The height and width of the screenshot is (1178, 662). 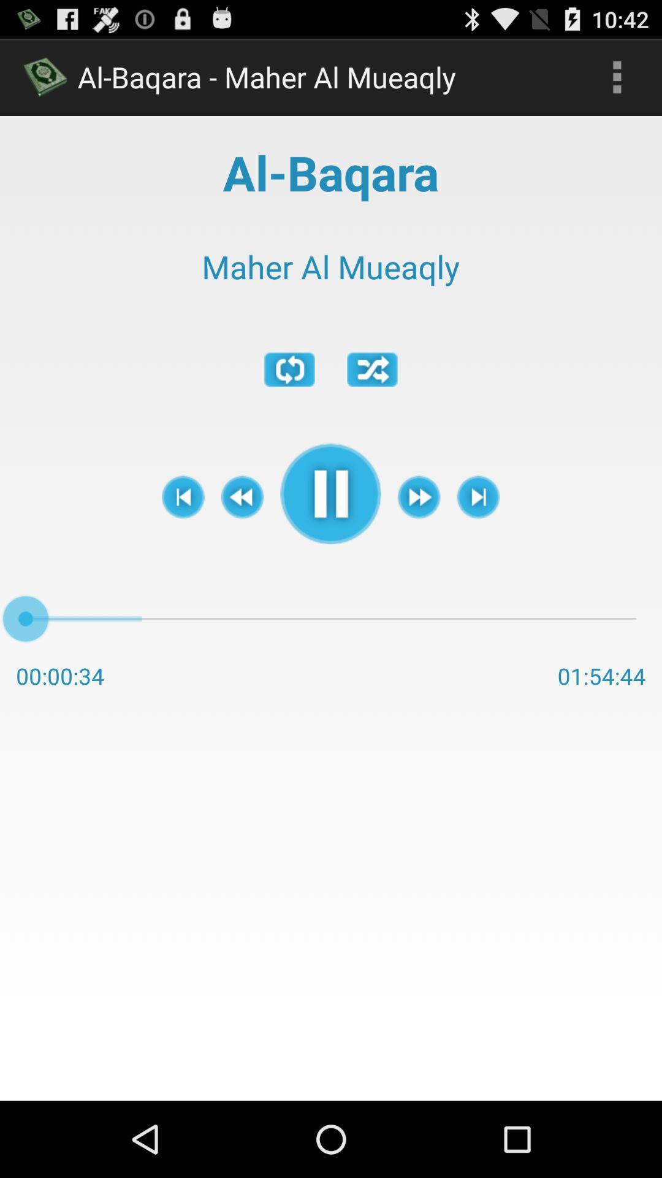 What do you see at coordinates (418, 532) in the screenshot?
I see `the av_forward icon` at bounding box center [418, 532].